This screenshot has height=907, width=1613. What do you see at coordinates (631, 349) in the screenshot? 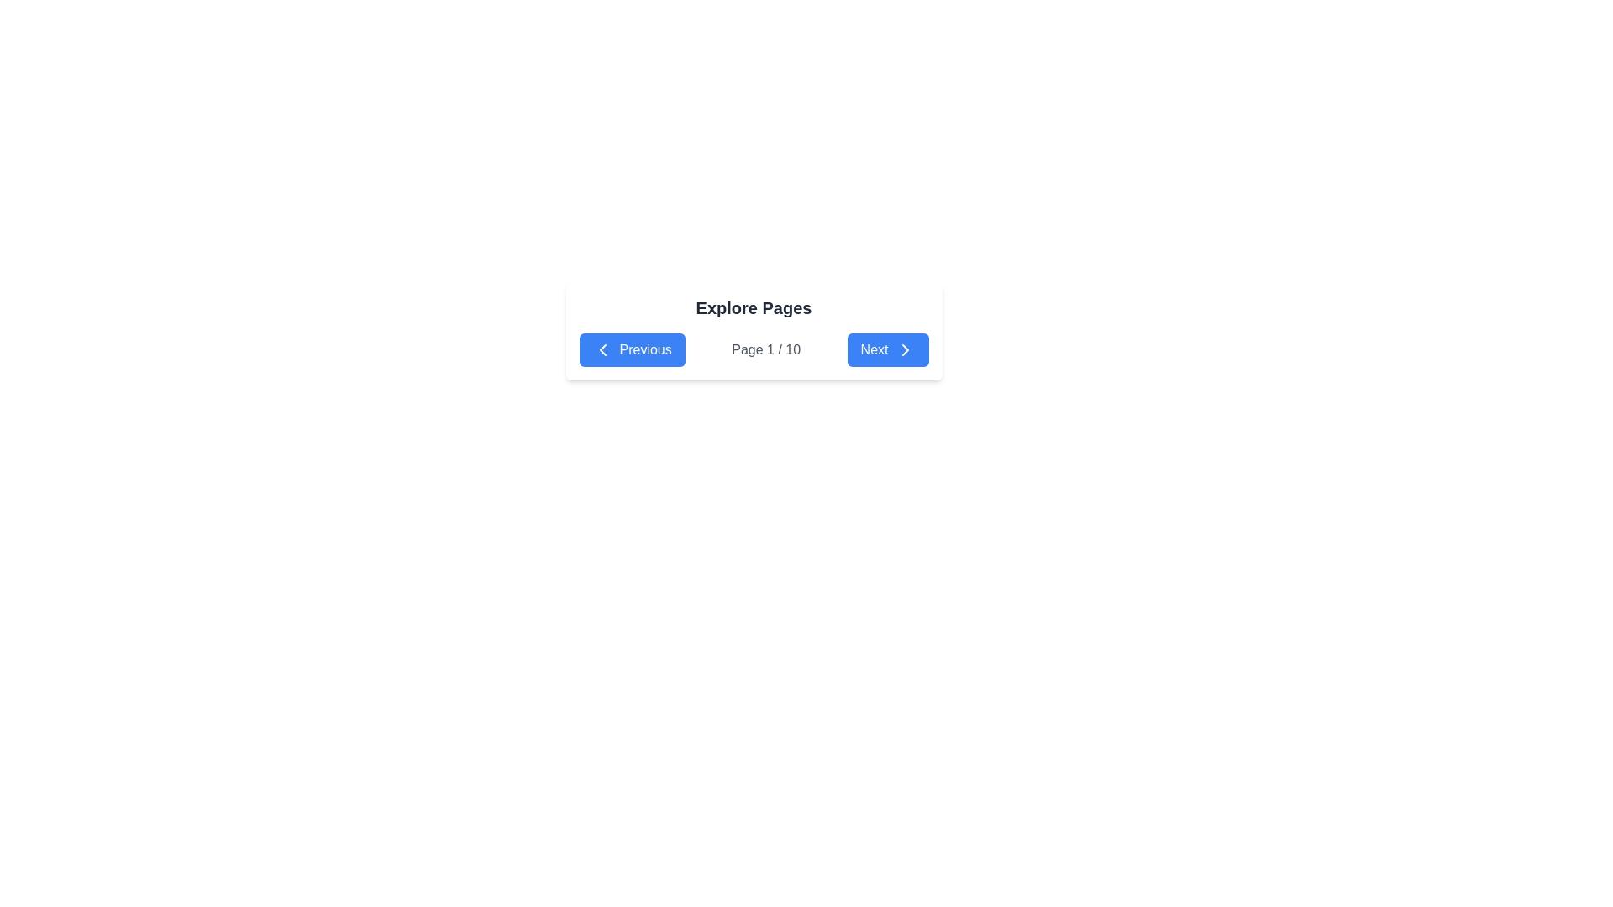
I see `the leftmost button in the horizontal navigation bar` at bounding box center [631, 349].